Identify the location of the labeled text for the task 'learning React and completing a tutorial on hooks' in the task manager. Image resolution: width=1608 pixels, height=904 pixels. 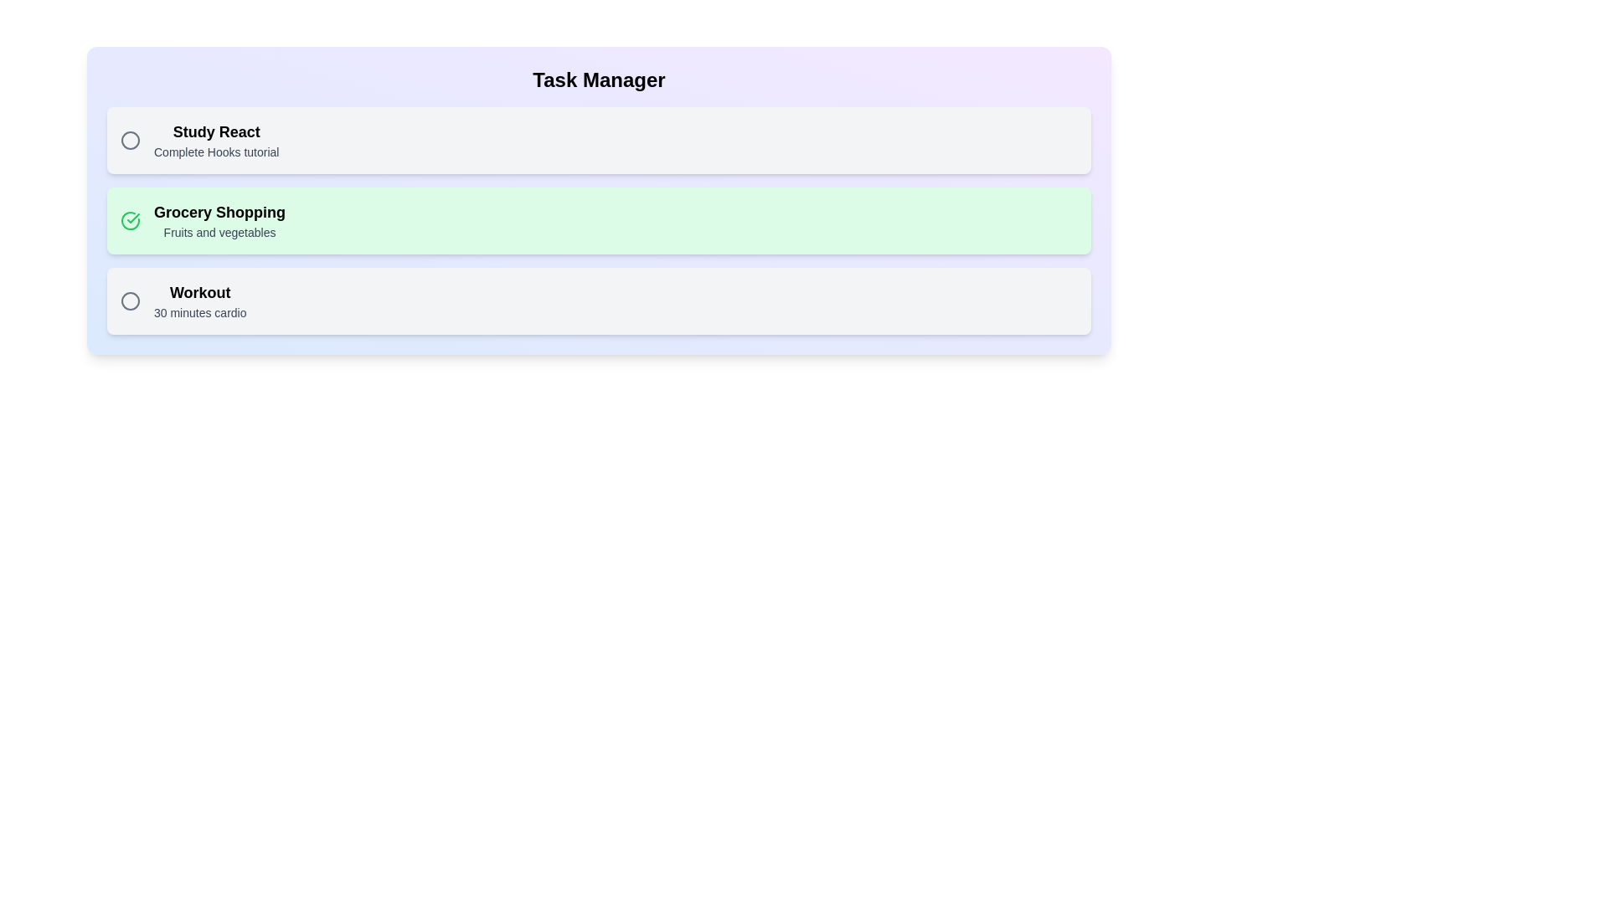
(215, 140).